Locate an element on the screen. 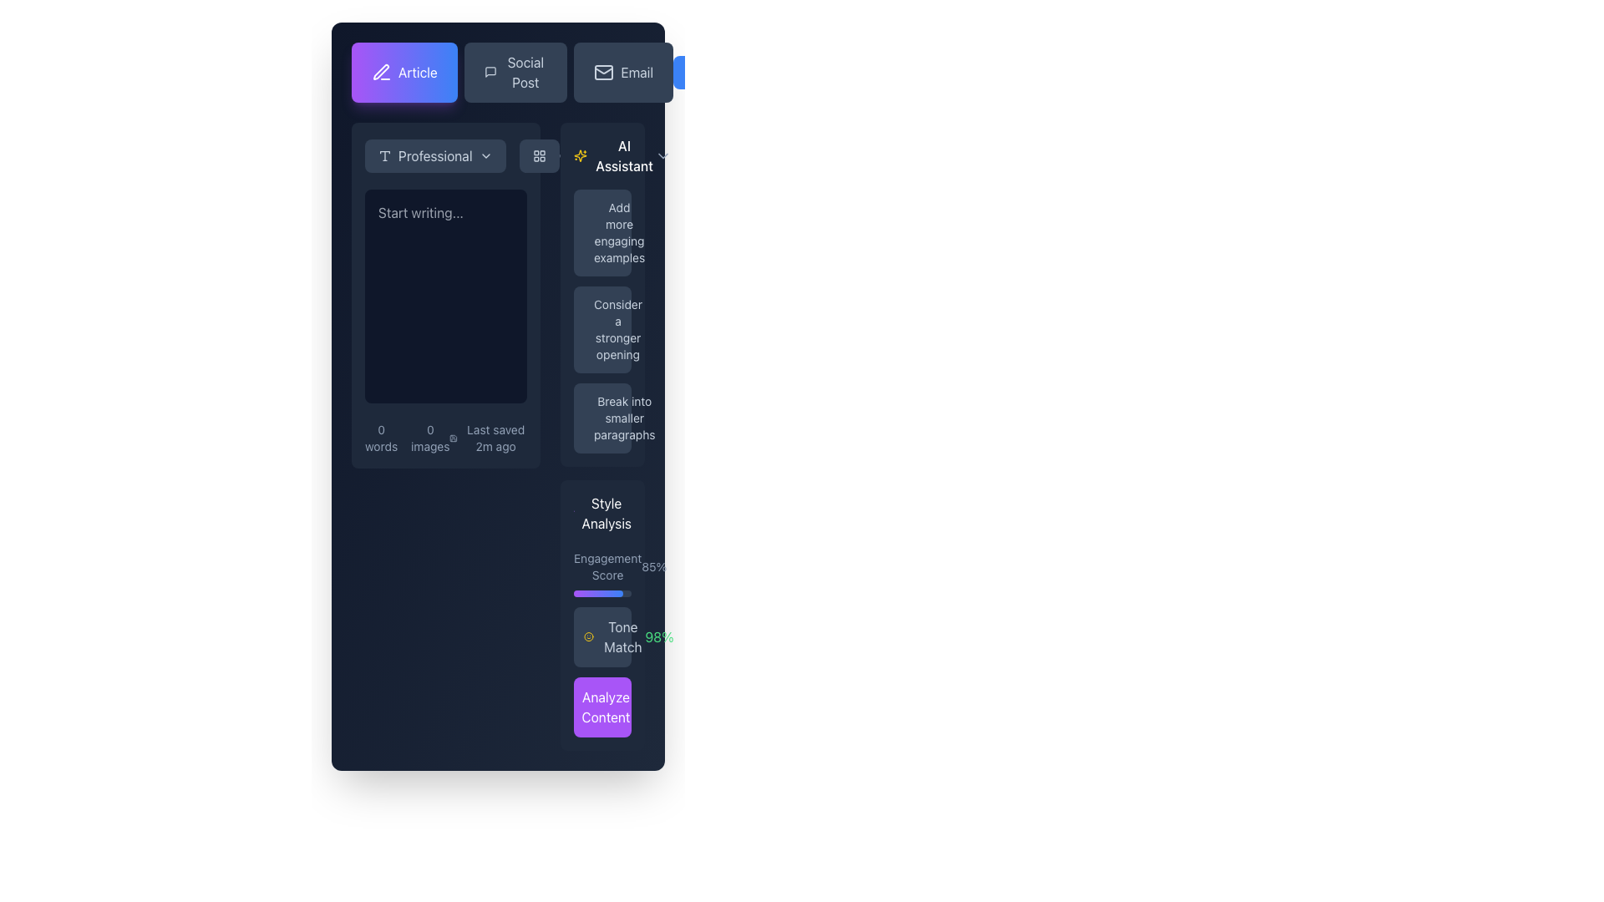  the text label containing 'Social Post', which is part of a button with rounded corners and a slate-colored background, situated between the 'Article' and 'Email' buttons is located at coordinates (525, 72).